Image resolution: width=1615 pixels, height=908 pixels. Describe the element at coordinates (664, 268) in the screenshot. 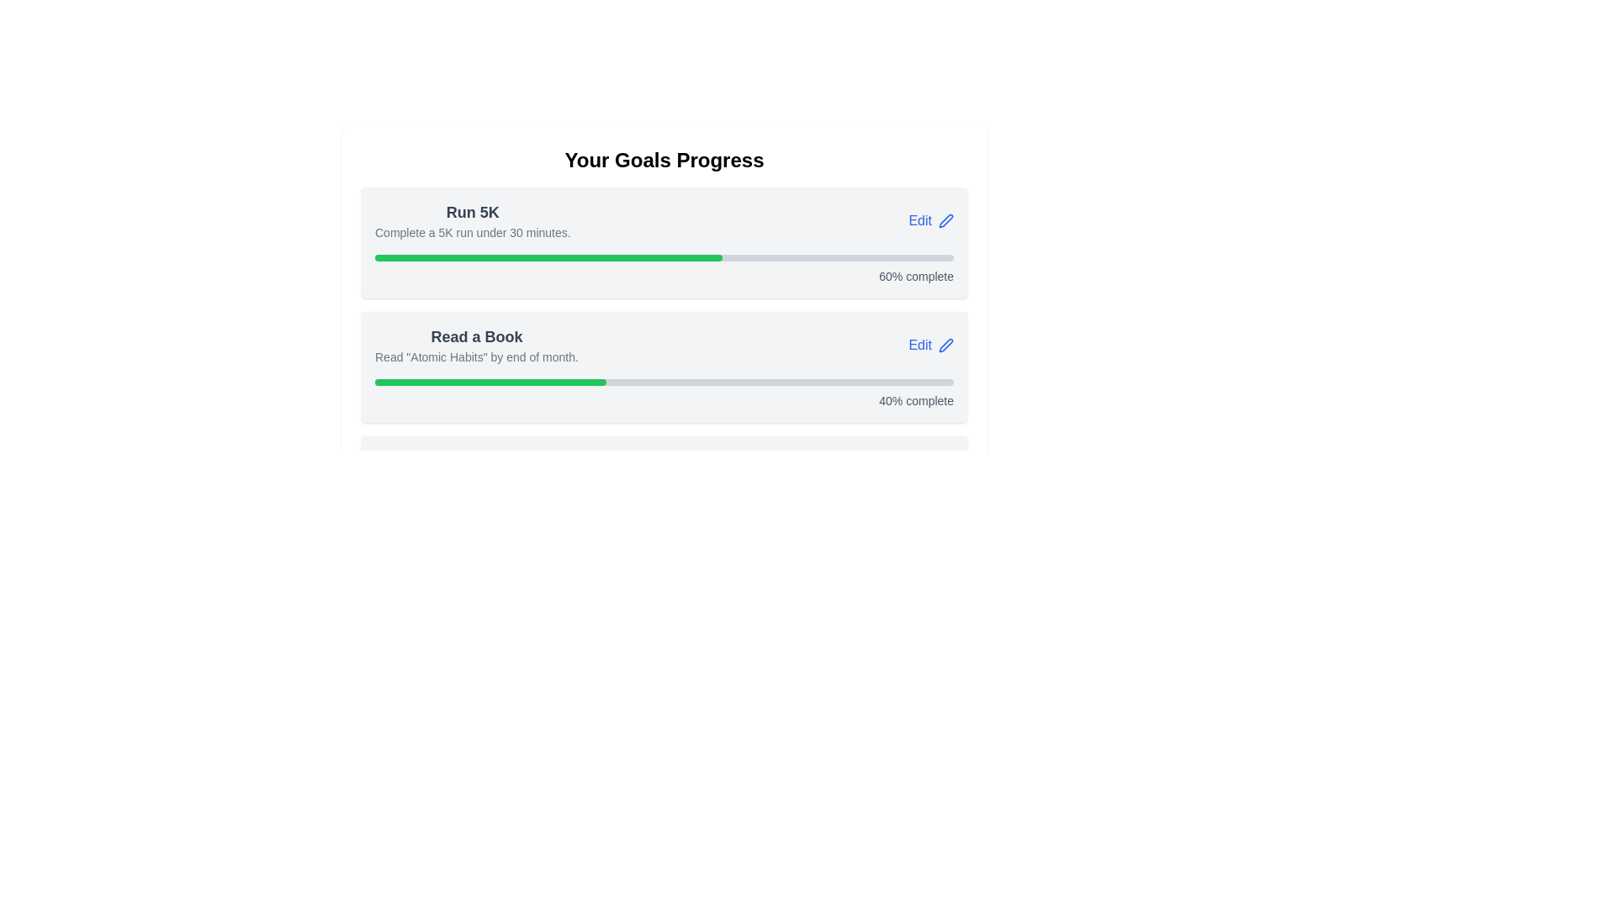

I see `the Progress Indicator for the 'Run 5K' goal` at that location.